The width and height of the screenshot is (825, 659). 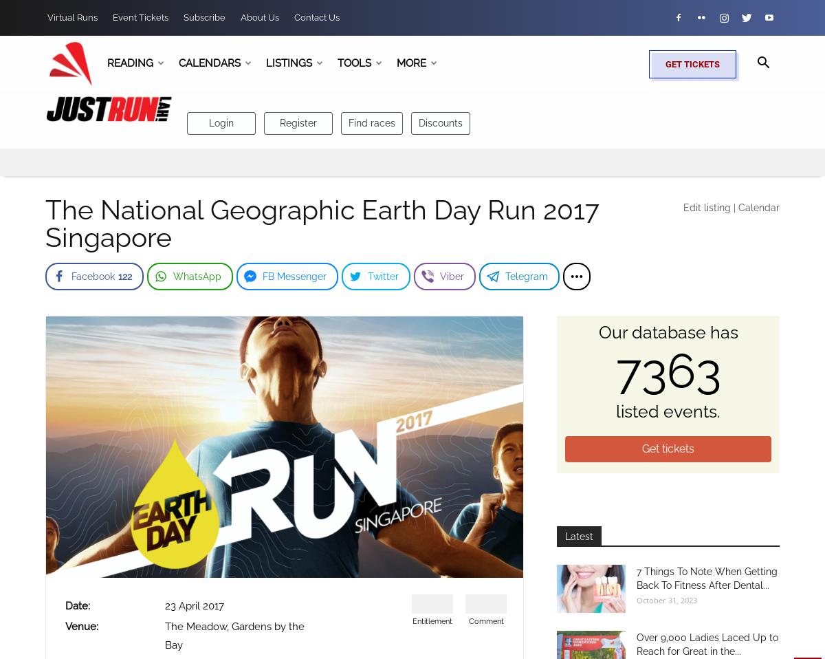 I want to click on 'October 31, 2023', so click(x=666, y=598).